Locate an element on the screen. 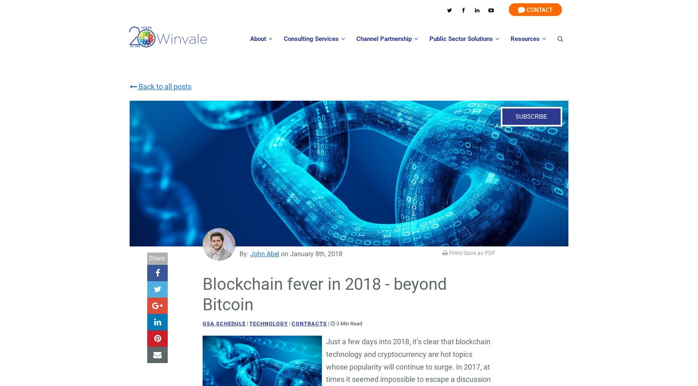  'By:' is located at coordinates (245, 253).